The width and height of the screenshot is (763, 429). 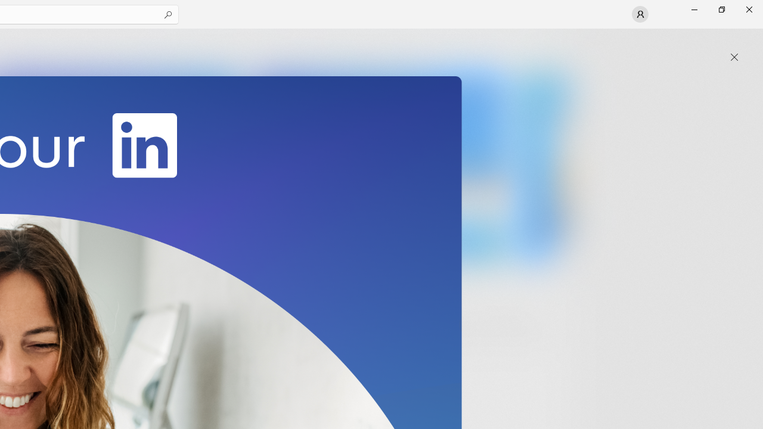 I want to click on 'User profile', so click(x=639, y=14).